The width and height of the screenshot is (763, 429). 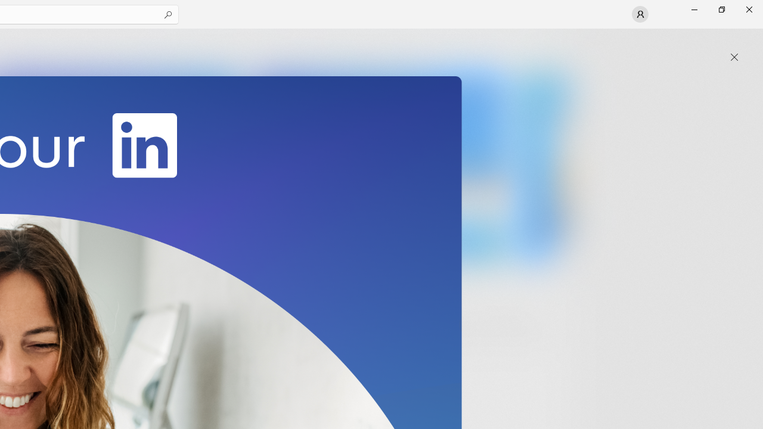 I want to click on 'User profile', so click(x=639, y=14).